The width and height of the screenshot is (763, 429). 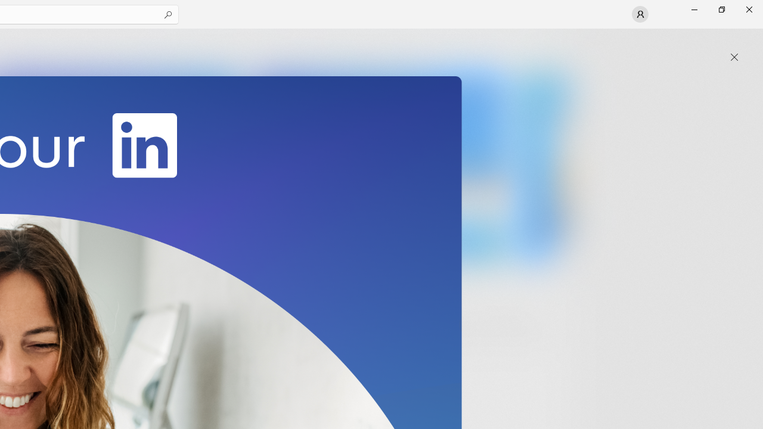 I want to click on 'User profile', so click(x=639, y=14).